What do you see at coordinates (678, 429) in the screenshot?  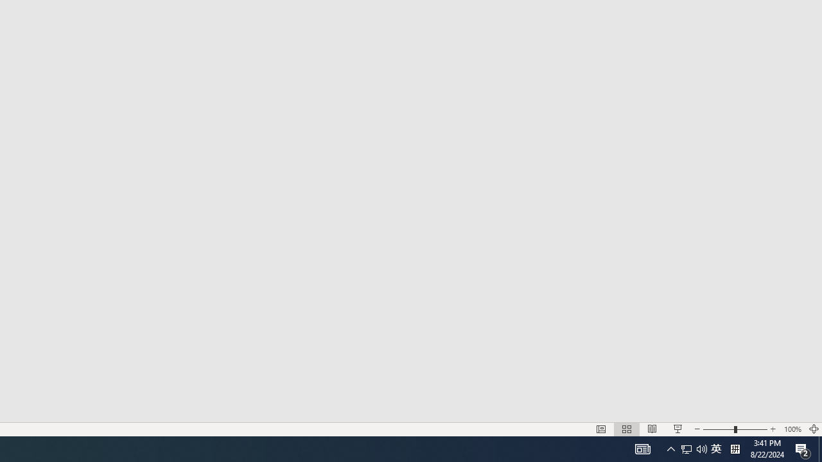 I see `'Slide Show'` at bounding box center [678, 429].